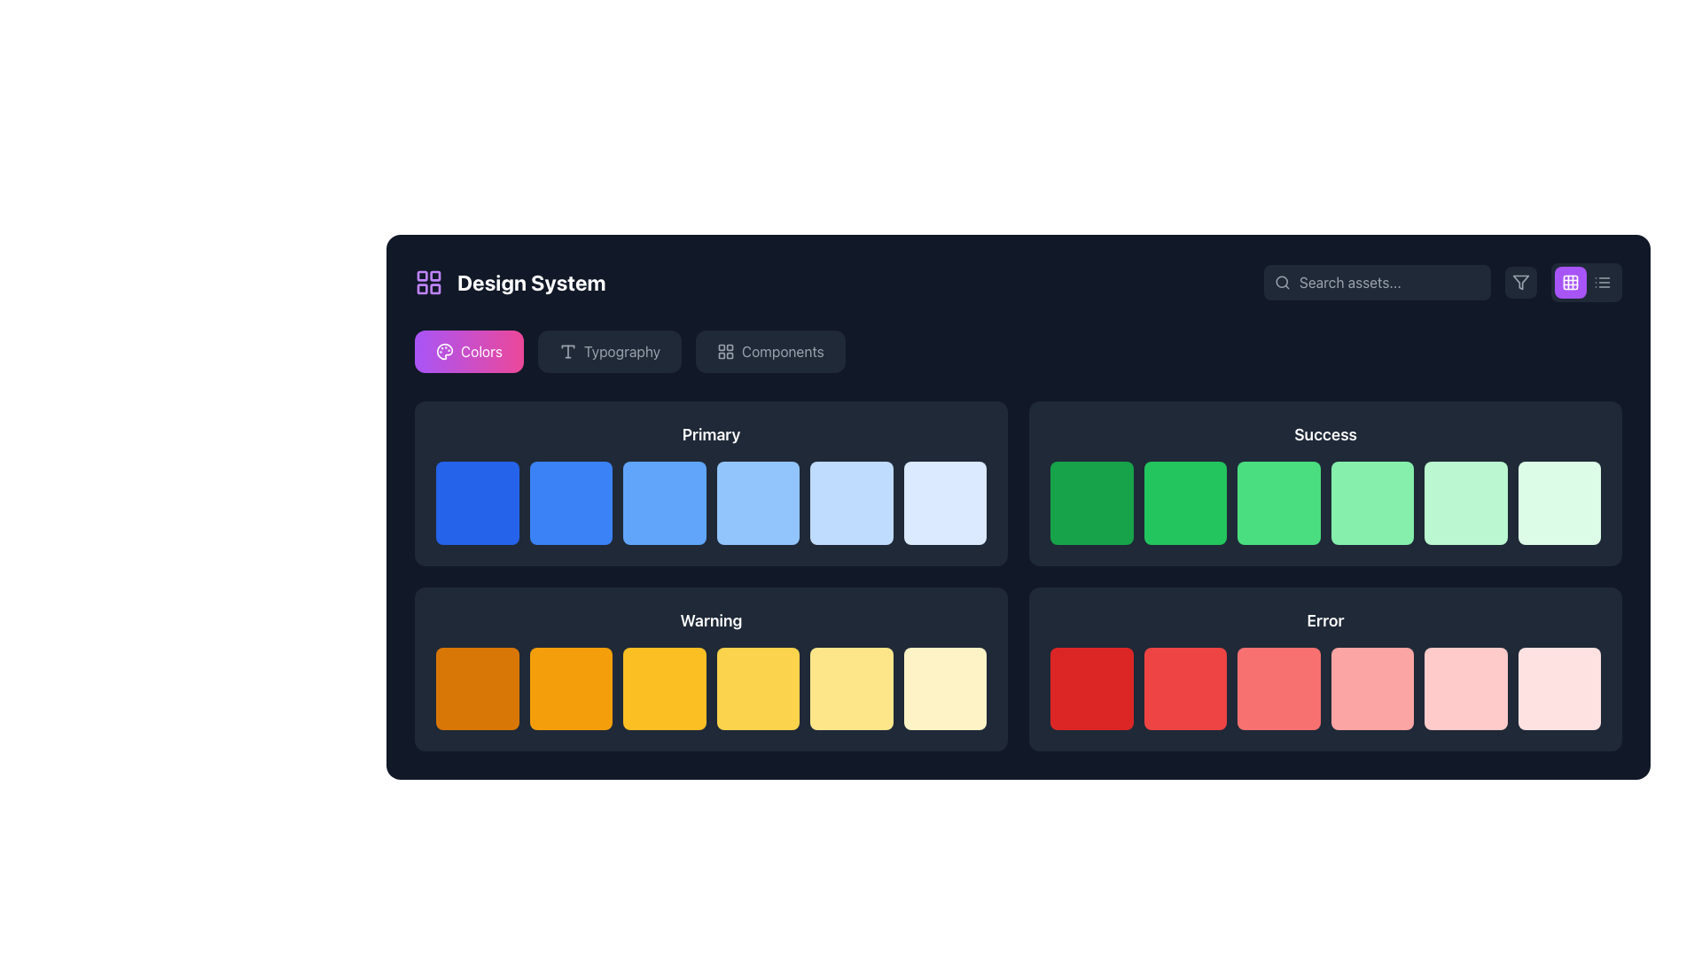  I want to click on the last button in the 'Error' section of the color-themed grid to gain accessibility interactions, so click(1558, 688).